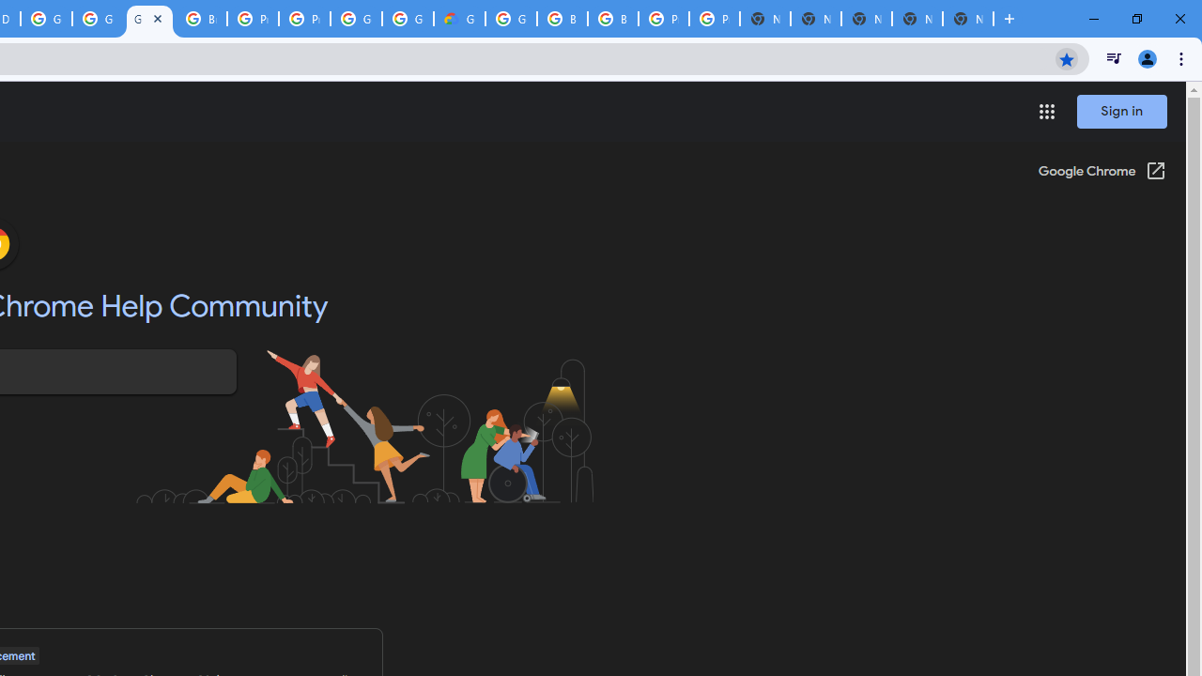 This screenshot has width=1202, height=676. What do you see at coordinates (1113, 57) in the screenshot?
I see `'Control your music, videos, and more'` at bounding box center [1113, 57].